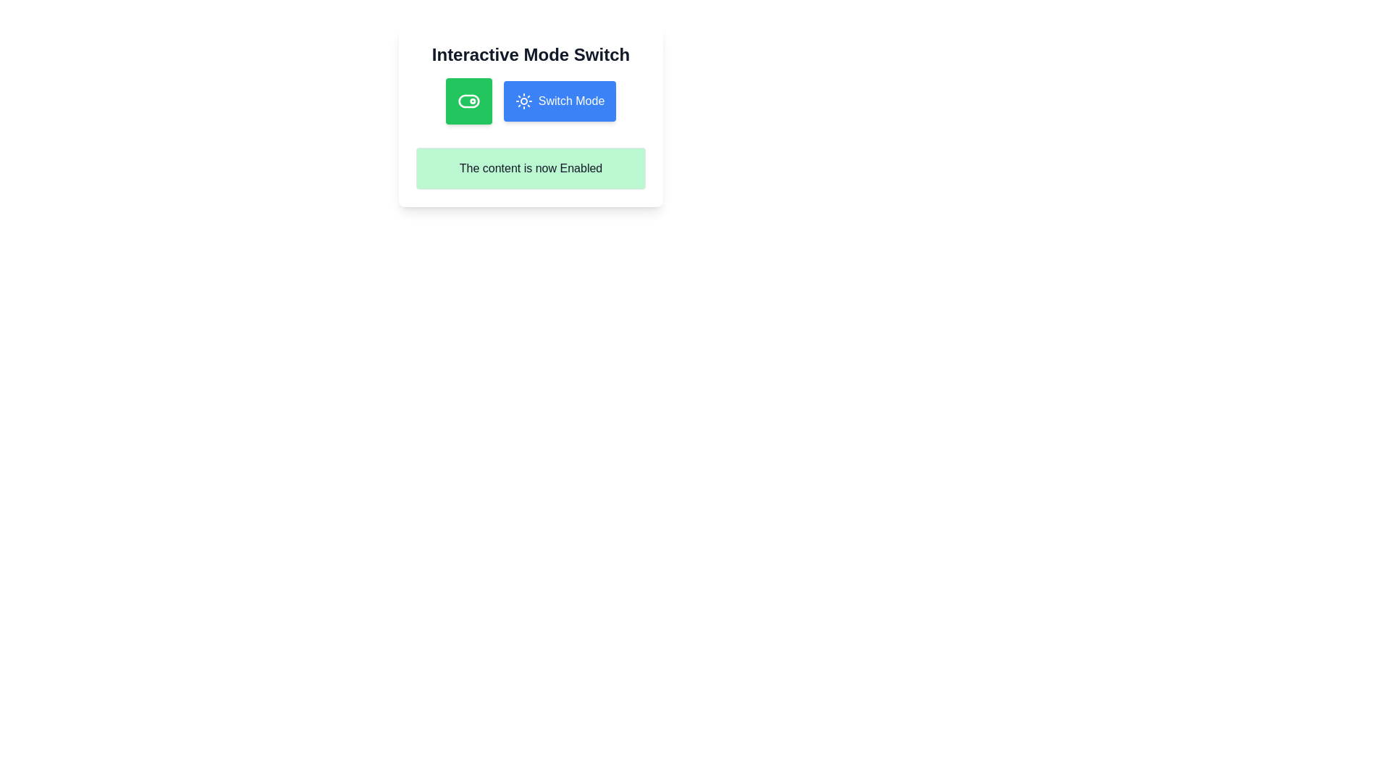 Image resolution: width=1390 pixels, height=782 pixels. I want to click on the toggle switch background element, which indicates the inactive or active state of the toggle switch, located in the upper-left portion of the interface, so click(468, 100).